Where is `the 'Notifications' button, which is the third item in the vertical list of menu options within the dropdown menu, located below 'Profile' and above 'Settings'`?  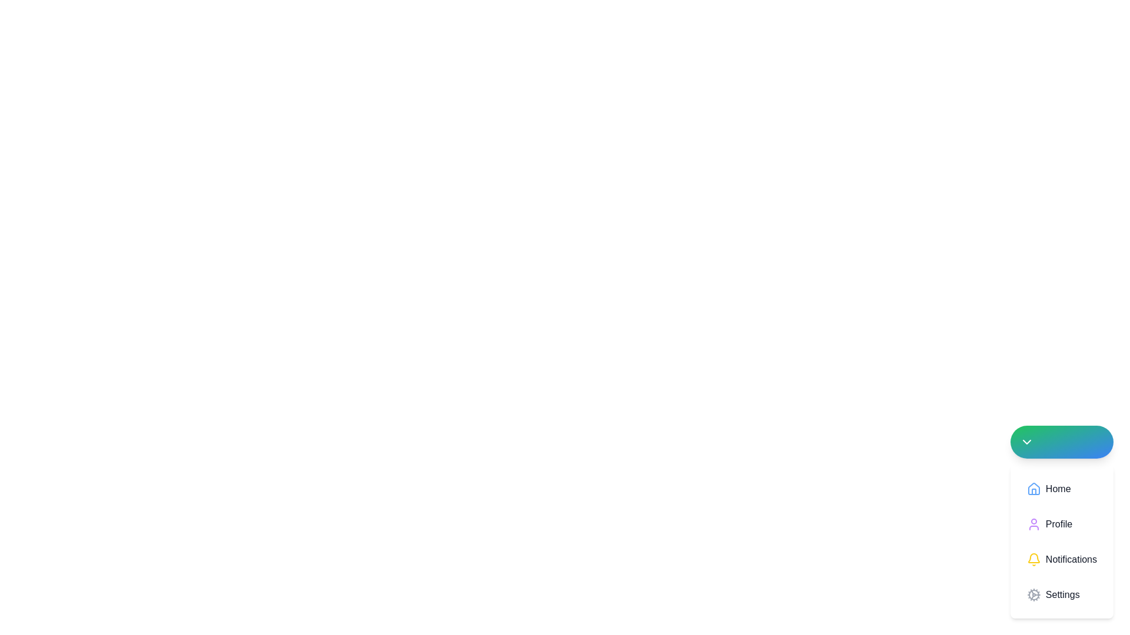 the 'Notifications' button, which is the third item in the vertical list of menu options within the dropdown menu, located below 'Profile' and above 'Settings' is located at coordinates (1062, 559).